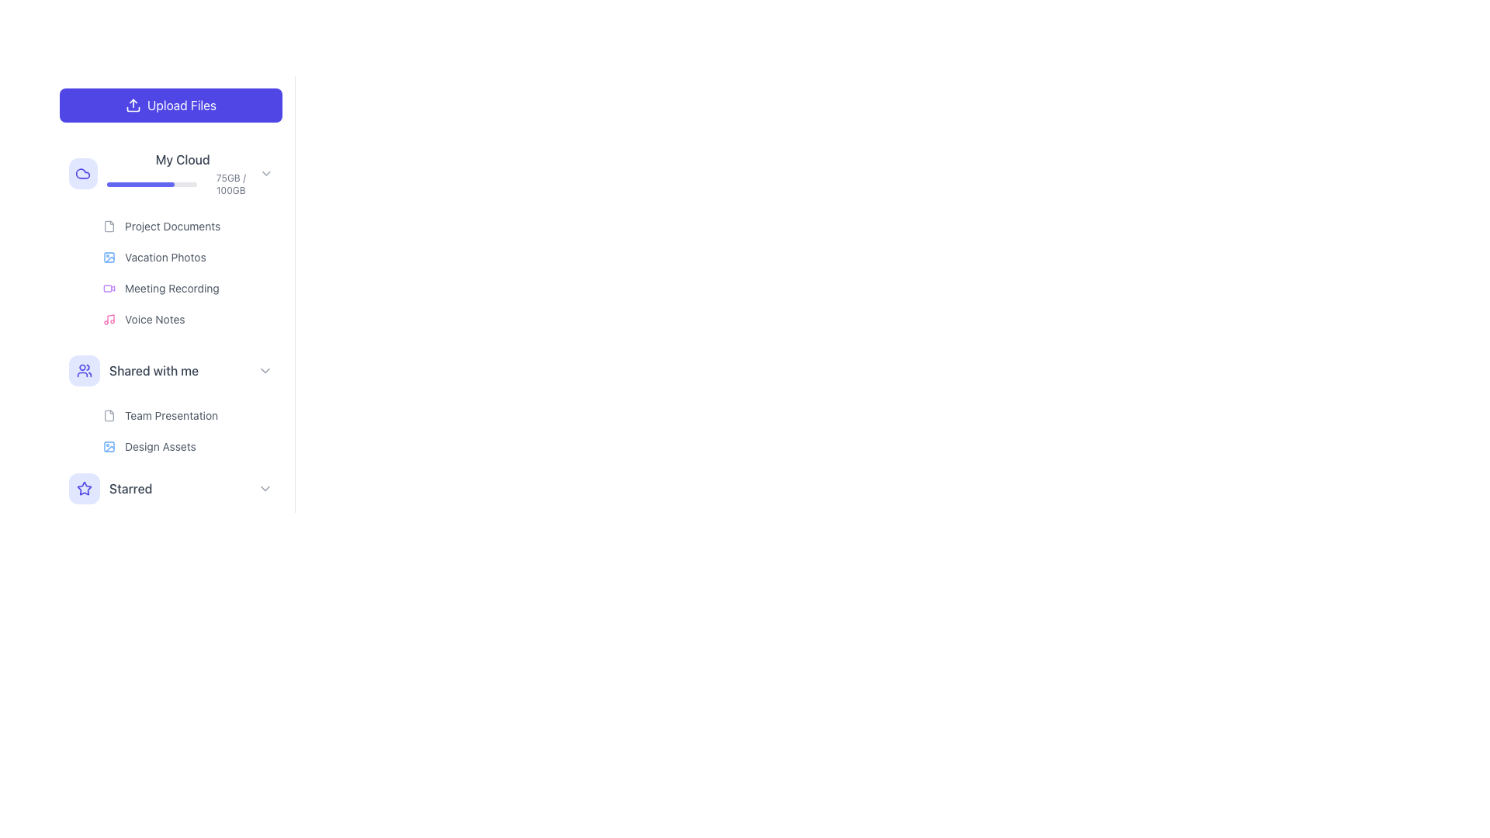 The height and width of the screenshot is (838, 1490). What do you see at coordinates (151, 184) in the screenshot?
I see `the horizontal progress bar with a light gray background and indigo-colored progress, located in the left sidebar next to the '75GB / 100GB' label` at bounding box center [151, 184].